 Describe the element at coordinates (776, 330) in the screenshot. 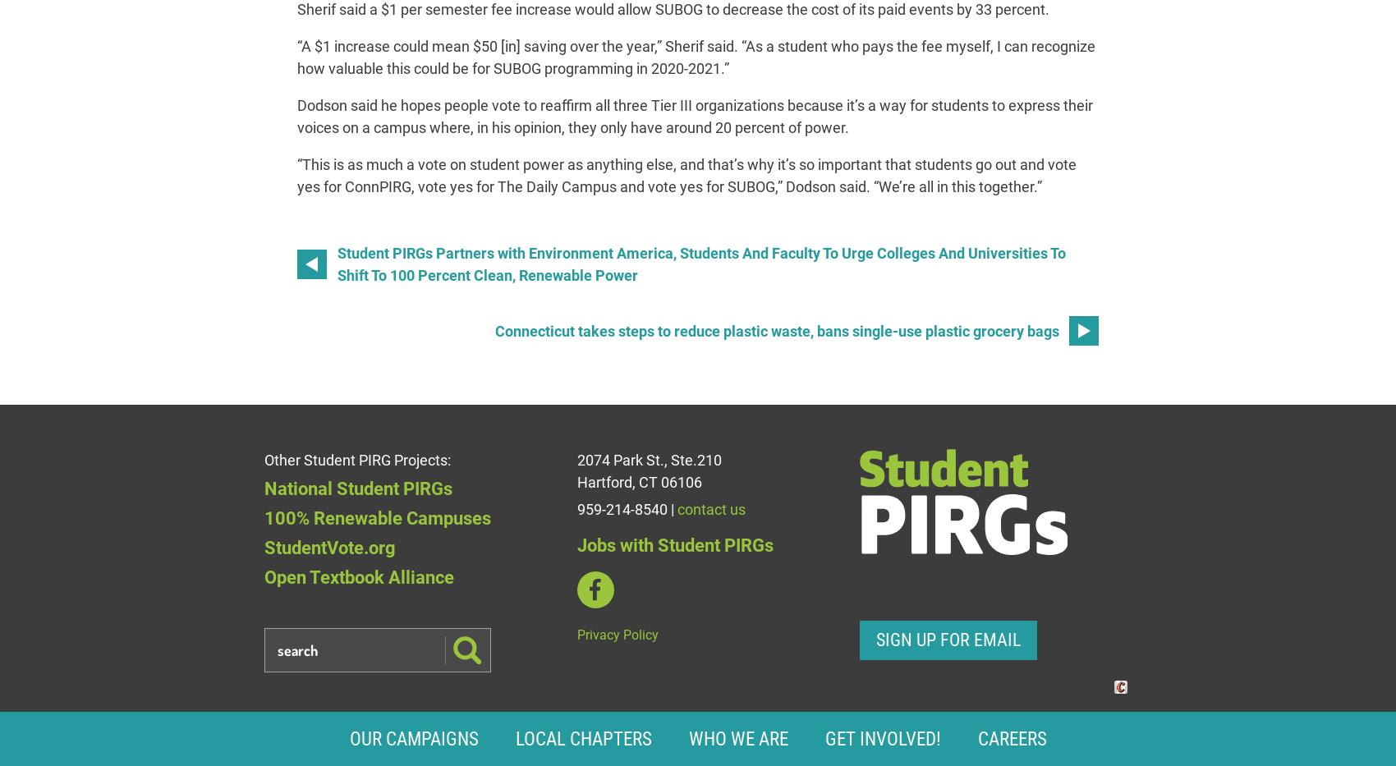

I see `'Connecticut takes steps to reduce plastic waste, bans single-use plastic grocery bags'` at that location.